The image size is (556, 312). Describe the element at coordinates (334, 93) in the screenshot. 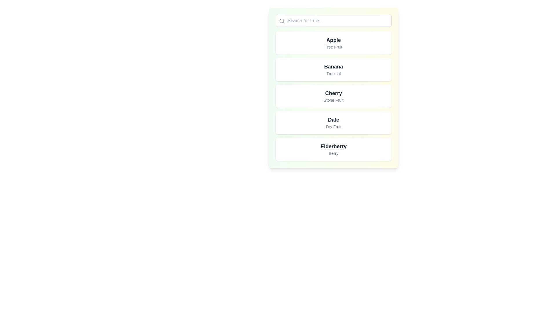

I see `the Text Label that indicates the name of the fruit, located in the middle of the third item in the vertical list, directly above the text 'Stone Fruit'` at that location.